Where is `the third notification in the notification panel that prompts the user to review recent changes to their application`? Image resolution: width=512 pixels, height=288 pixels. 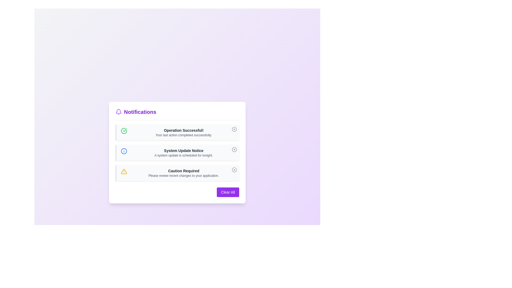
the third notification in the notification panel that prompts the user to review recent changes to their application is located at coordinates (184, 173).